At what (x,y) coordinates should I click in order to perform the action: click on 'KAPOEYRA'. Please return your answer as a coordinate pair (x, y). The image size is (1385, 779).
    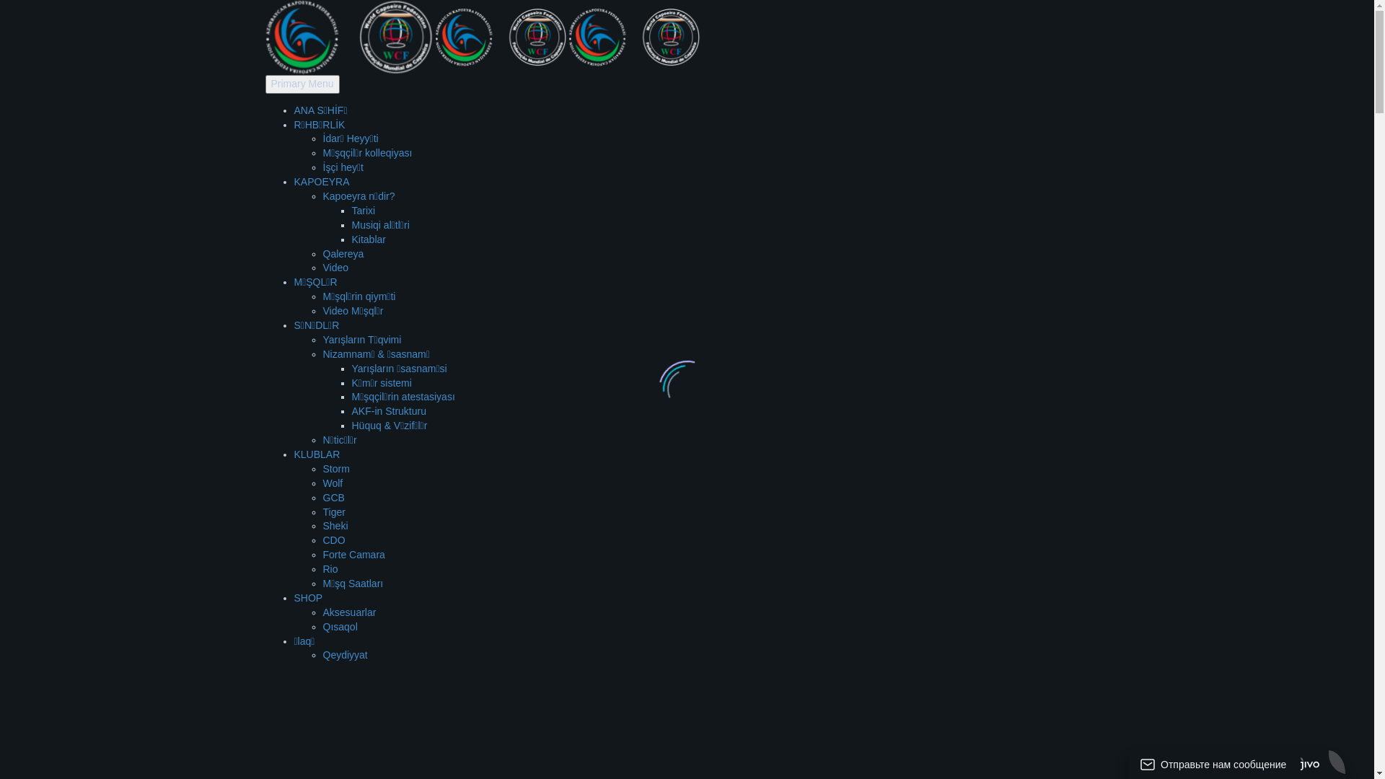
    Looking at the image, I should click on (321, 180).